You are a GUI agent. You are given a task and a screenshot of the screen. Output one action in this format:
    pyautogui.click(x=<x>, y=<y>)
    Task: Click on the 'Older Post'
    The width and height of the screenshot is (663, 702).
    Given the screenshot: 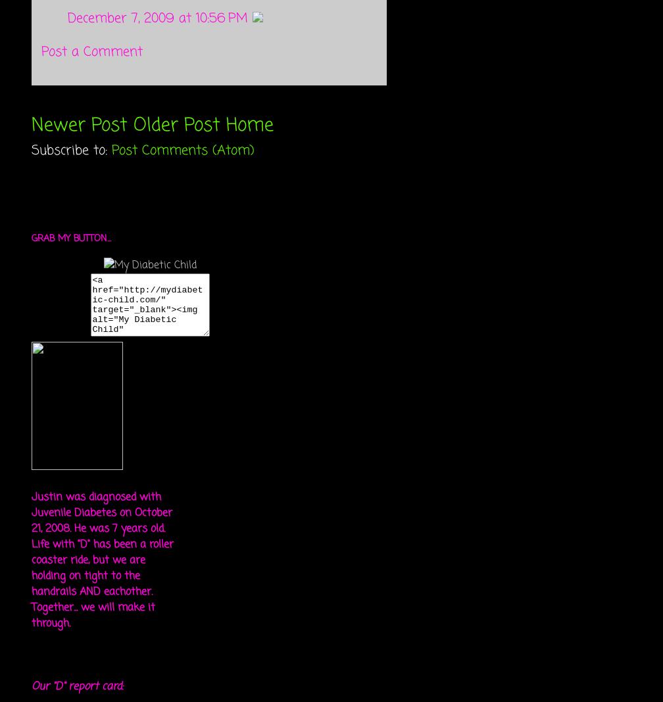 What is the action you would take?
    pyautogui.click(x=177, y=125)
    